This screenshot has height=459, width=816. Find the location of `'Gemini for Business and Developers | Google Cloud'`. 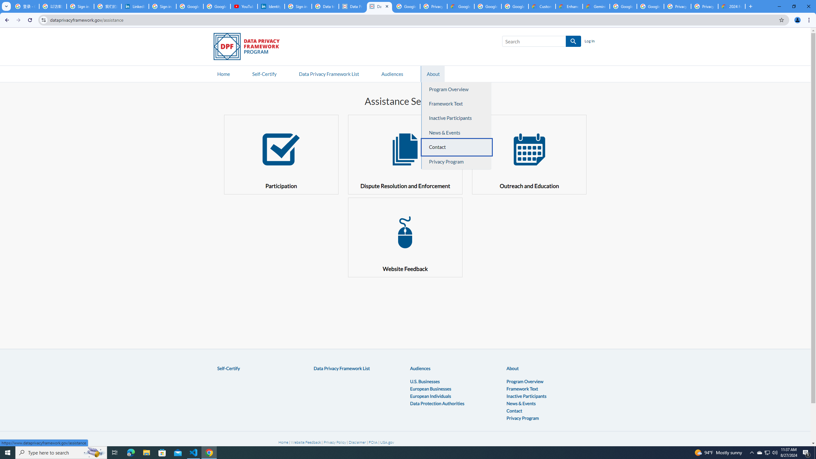

'Gemini for Business and Developers | Google Cloud' is located at coordinates (596, 6).